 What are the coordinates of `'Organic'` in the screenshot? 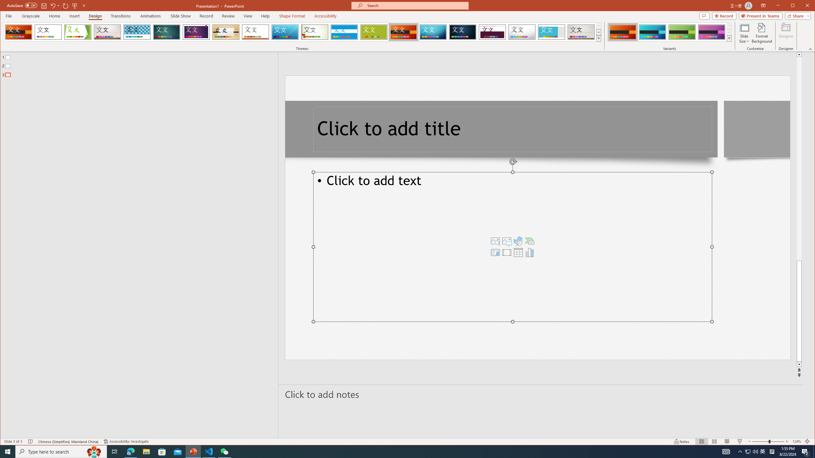 It's located at (226, 32).